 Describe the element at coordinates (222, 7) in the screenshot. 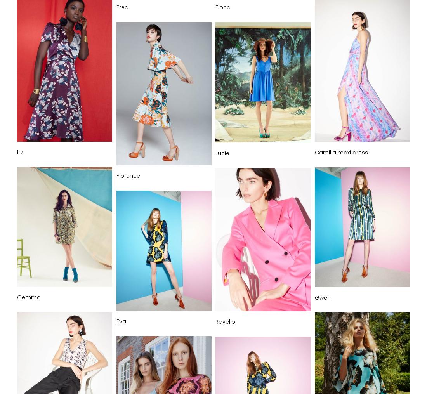

I see `'Fiona'` at that location.